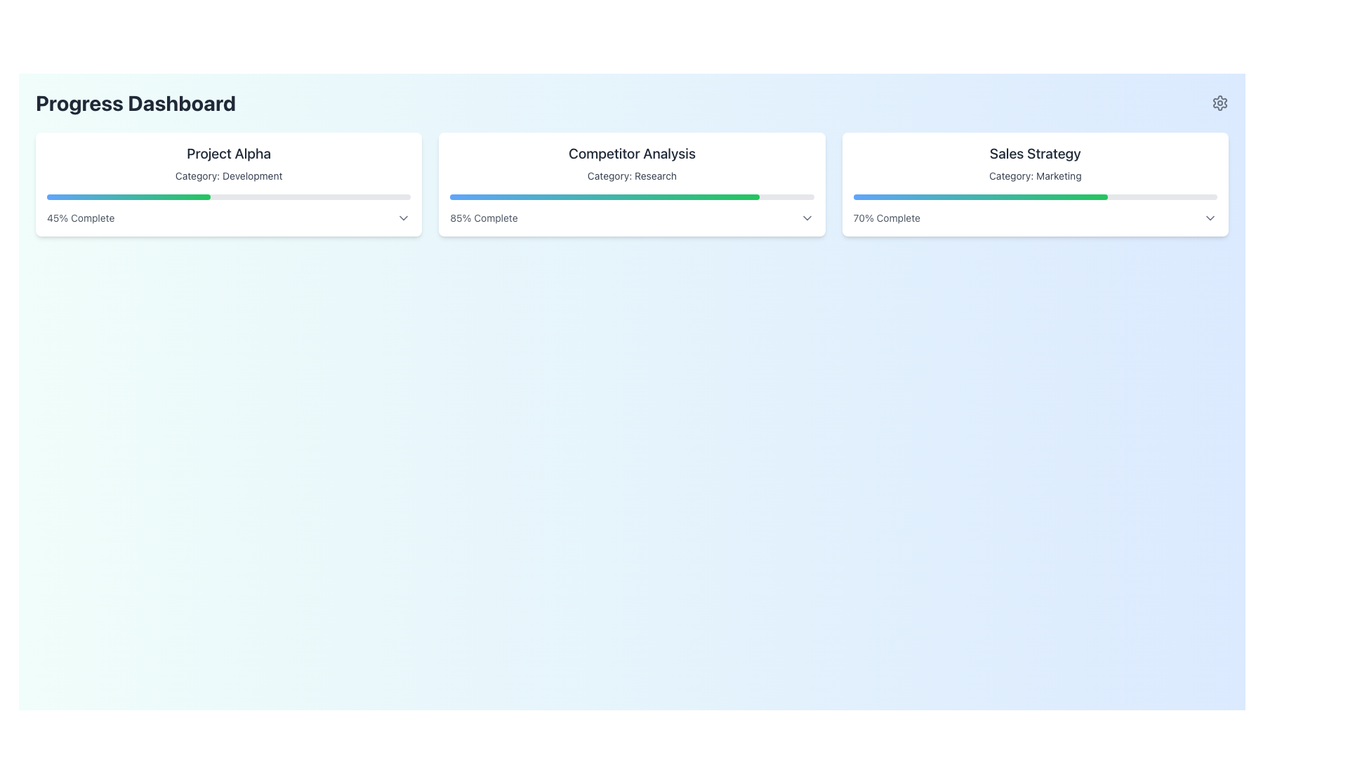 Image resolution: width=1348 pixels, height=758 pixels. I want to click on the downward-pointing chevron icon located to the right of the '85% Complete' text, so click(807, 218).